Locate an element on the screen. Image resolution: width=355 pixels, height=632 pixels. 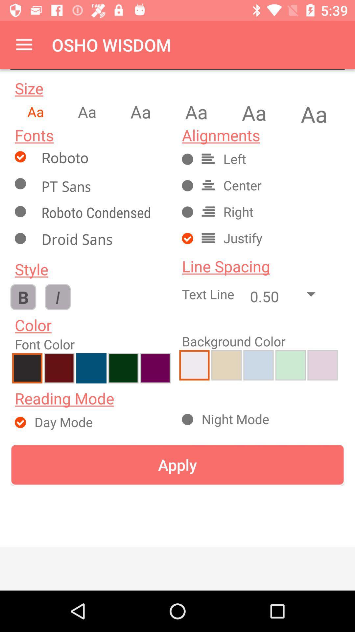
choose purple font color is located at coordinates (155, 368).